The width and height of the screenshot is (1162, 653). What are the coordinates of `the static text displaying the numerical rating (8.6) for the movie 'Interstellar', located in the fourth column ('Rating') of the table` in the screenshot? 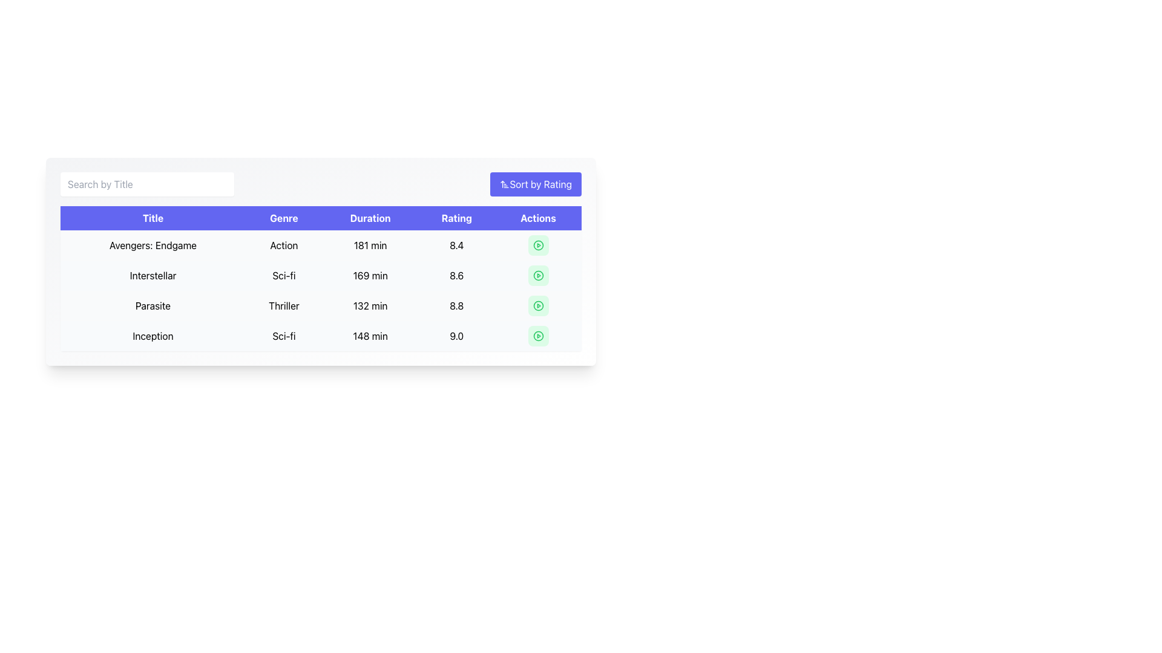 It's located at (456, 275).